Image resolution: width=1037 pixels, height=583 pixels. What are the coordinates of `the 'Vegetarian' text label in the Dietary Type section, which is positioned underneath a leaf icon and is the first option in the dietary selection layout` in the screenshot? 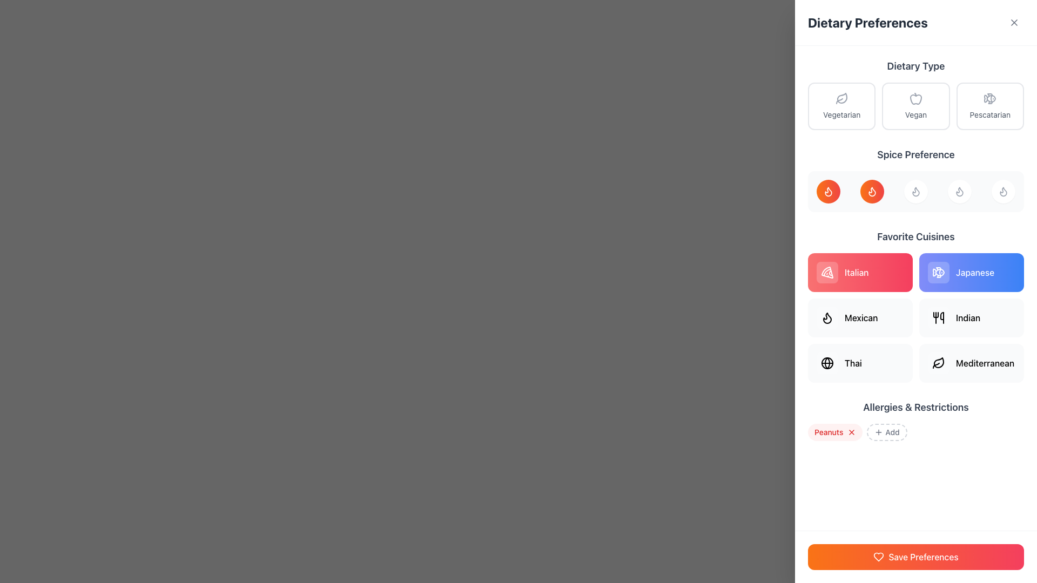 It's located at (841, 114).